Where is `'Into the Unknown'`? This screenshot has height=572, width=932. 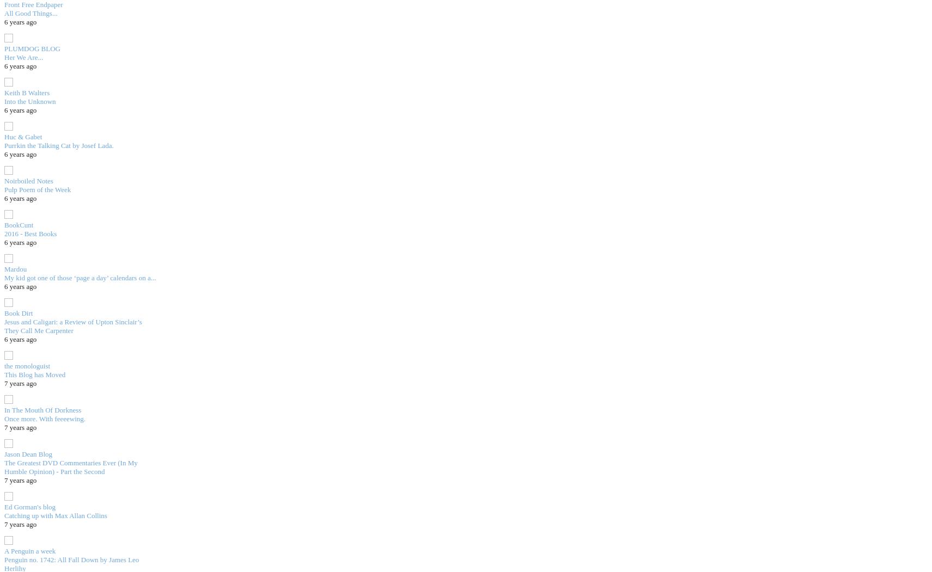 'Into the Unknown' is located at coordinates (29, 101).